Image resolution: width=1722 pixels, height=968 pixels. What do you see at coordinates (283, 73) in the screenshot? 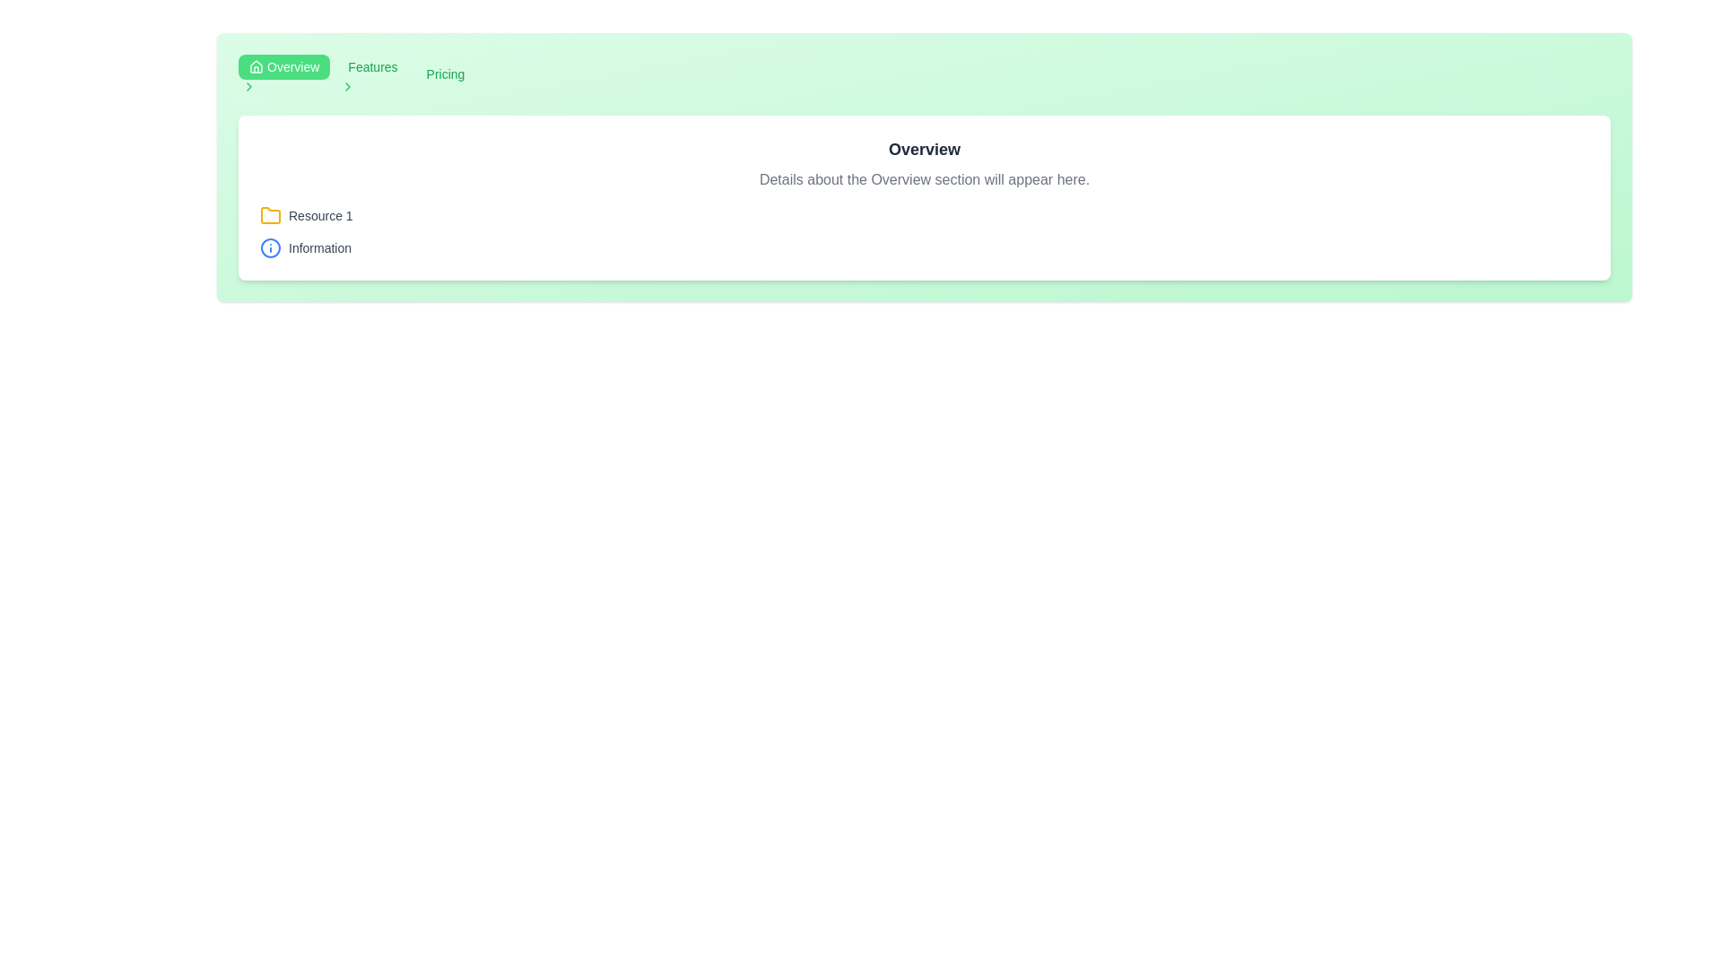
I see `the green rounded rectangle button labeled 'Overview'` at bounding box center [283, 73].